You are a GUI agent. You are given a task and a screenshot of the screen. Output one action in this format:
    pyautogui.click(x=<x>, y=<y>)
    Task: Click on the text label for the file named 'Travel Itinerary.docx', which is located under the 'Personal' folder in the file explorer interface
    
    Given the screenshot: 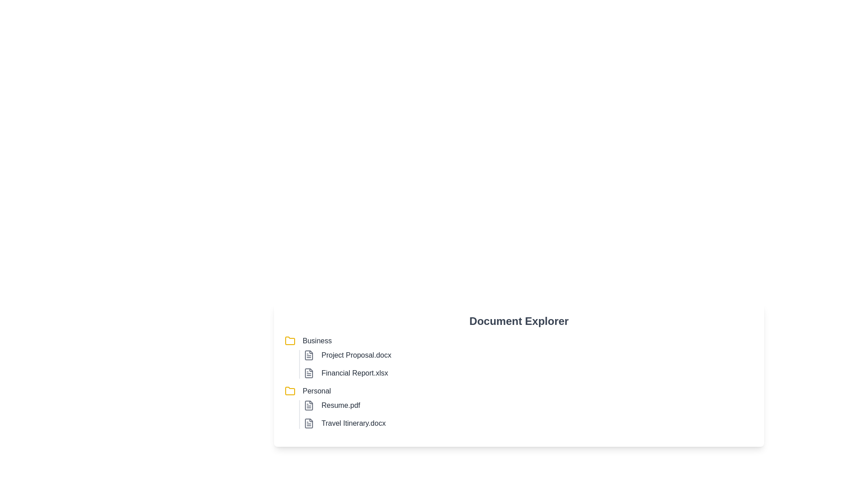 What is the action you would take?
    pyautogui.click(x=353, y=423)
    